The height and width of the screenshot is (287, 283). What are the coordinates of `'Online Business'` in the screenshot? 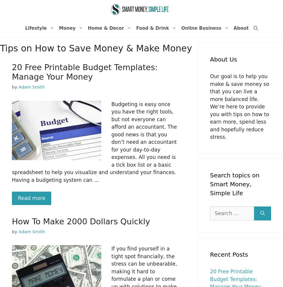 It's located at (201, 28).